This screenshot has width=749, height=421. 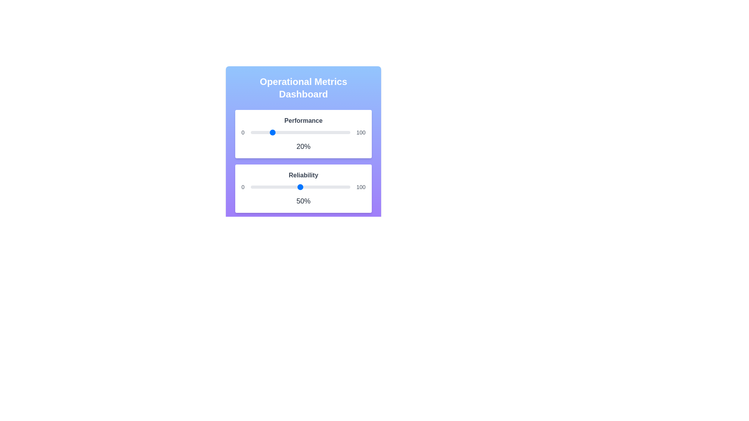 I want to click on performance, so click(x=338, y=132).